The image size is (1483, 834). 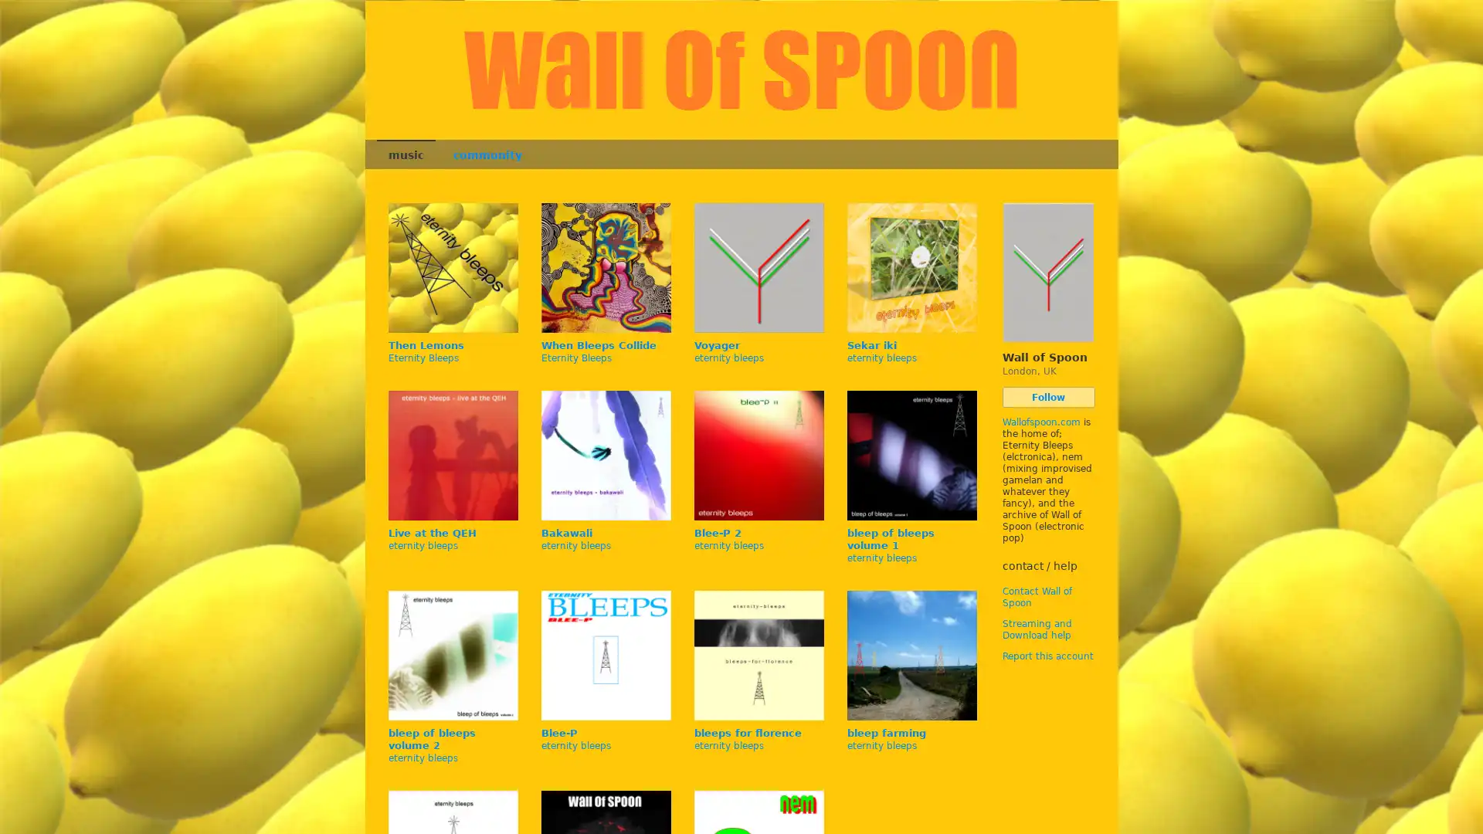 What do you see at coordinates (1048, 396) in the screenshot?
I see `Follow` at bounding box center [1048, 396].